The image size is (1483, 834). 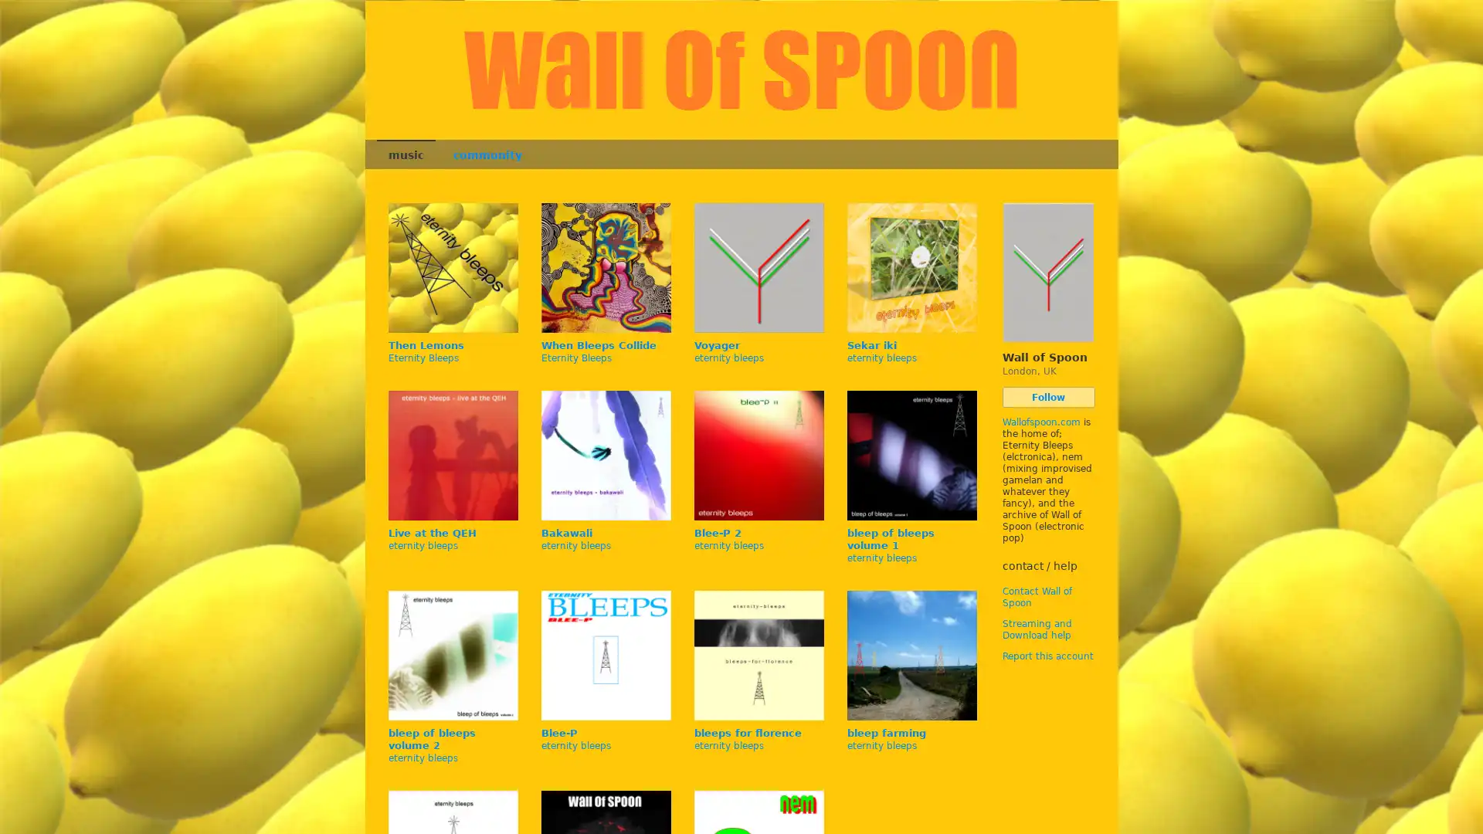 What do you see at coordinates (1048, 396) in the screenshot?
I see `Follow` at bounding box center [1048, 396].